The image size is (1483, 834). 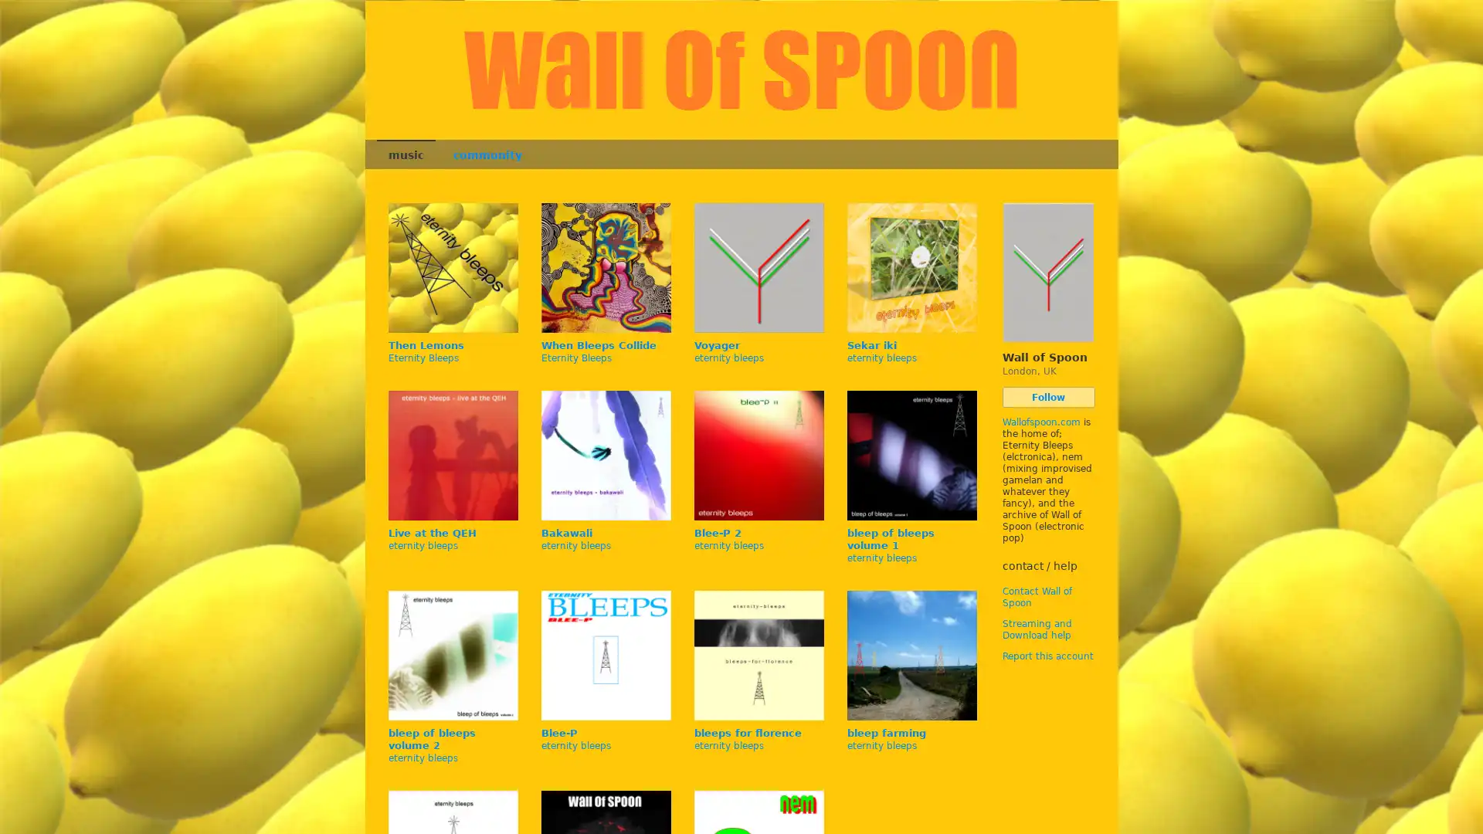 What do you see at coordinates (1048, 396) in the screenshot?
I see `Follow` at bounding box center [1048, 396].